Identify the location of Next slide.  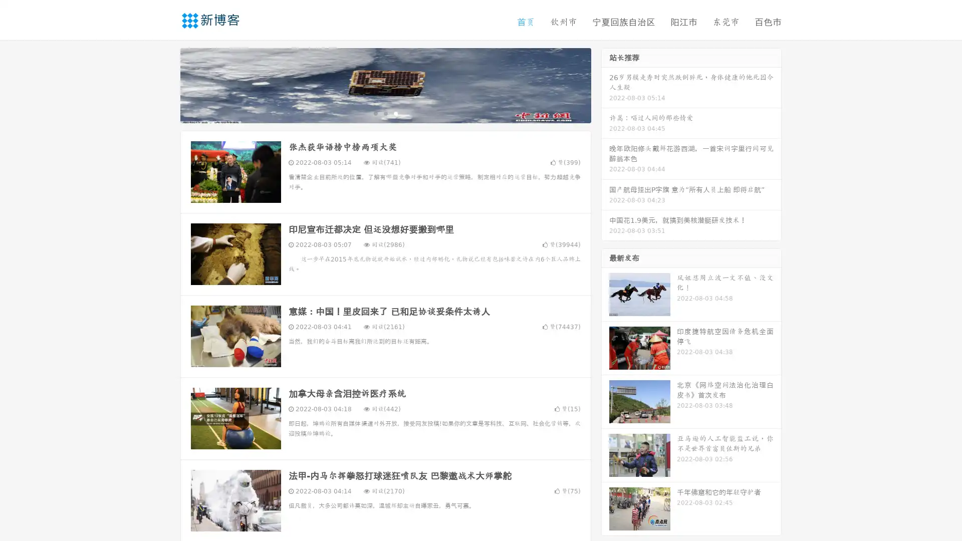
(605, 84).